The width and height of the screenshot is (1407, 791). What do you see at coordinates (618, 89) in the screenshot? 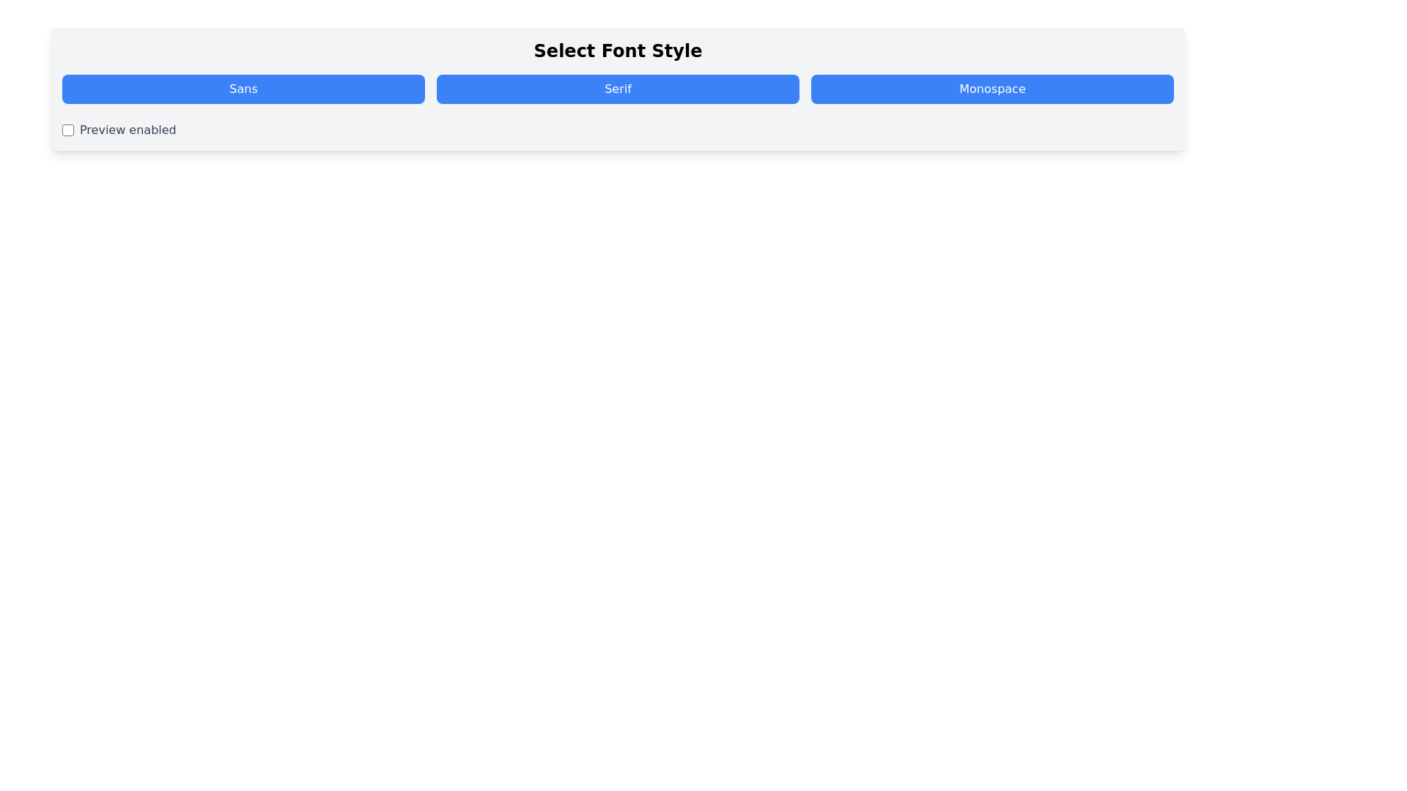
I see `the middle button labeled 'Serif' under the 'Select Font Style' heading` at bounding box center [618, 89].